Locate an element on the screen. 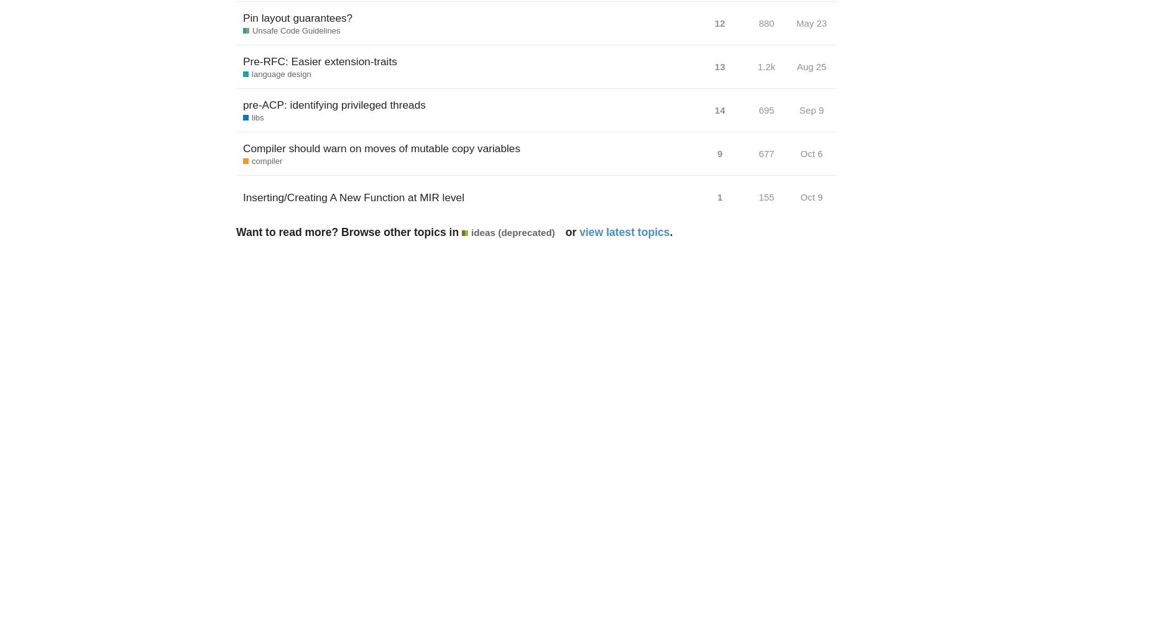 The width and height of the screenshot is (1150, 621). 'Oct 9' is located at coordinates (810, 196).